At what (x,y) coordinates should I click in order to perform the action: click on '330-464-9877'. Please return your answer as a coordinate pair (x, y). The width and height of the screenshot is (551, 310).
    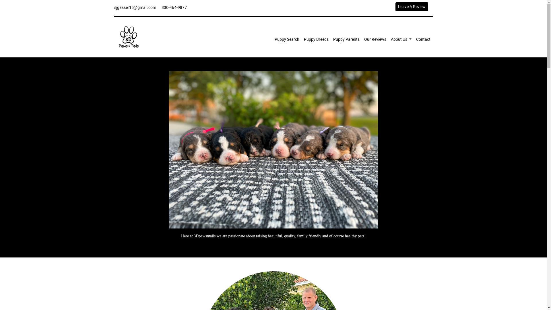
    Looking at the image, I should click on (173, 7).